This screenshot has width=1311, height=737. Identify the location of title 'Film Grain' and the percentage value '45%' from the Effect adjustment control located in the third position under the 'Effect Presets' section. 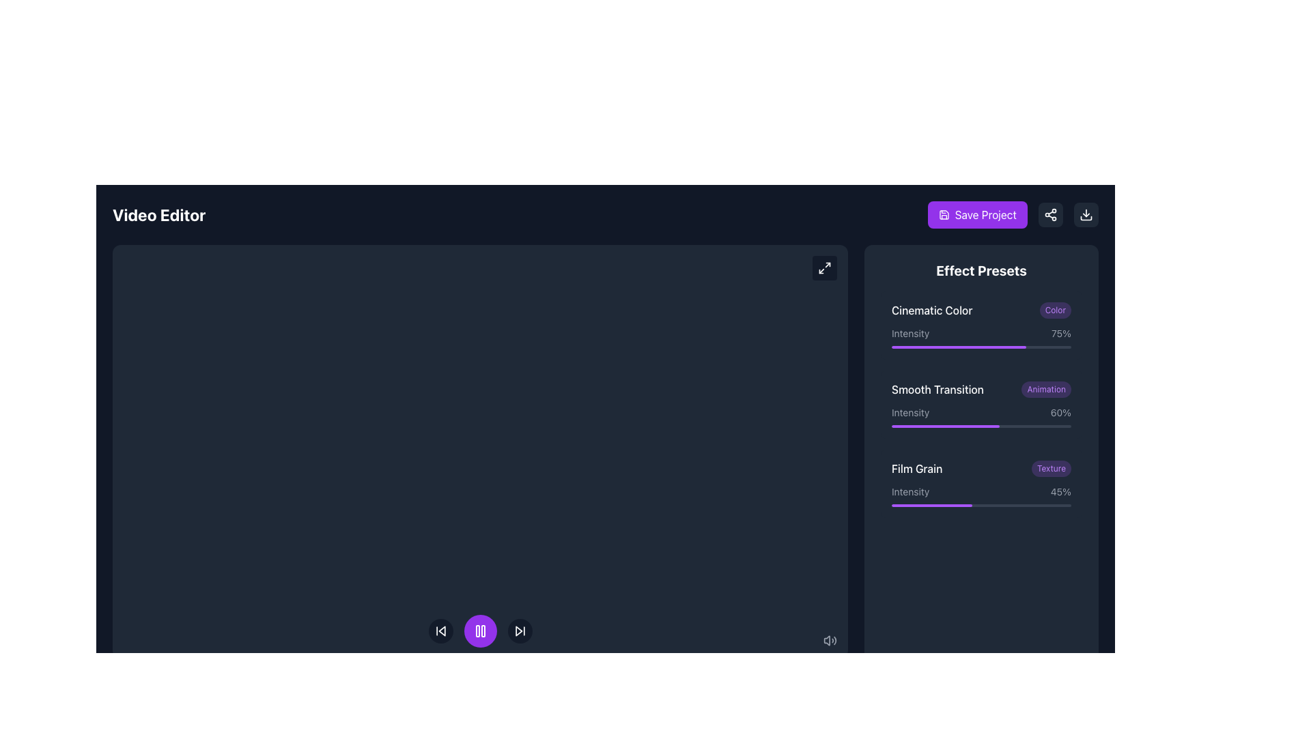
(981, 483).